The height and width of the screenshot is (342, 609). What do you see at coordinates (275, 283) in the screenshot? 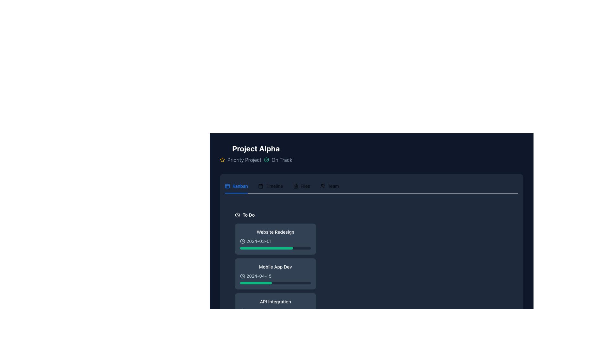
I see `the progress represented by the progress bar located within the 'Mobile App Dev' card in the 'To Do' column, positioned below the date '2024-04-15'` at bounding box center [275, 283].